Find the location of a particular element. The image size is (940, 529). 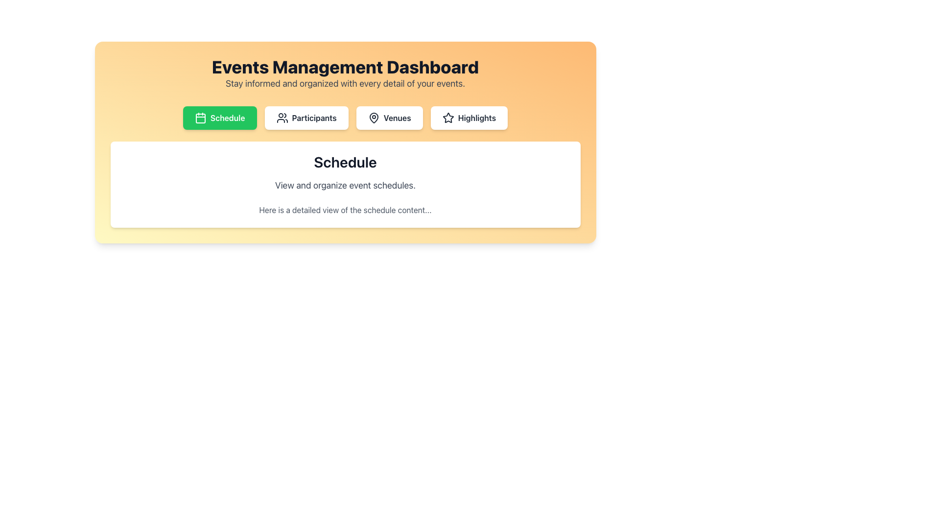

the button located in the second position of a row of four buttons, situated between the 'Schedule' and 'Venues' buttons is located at coordinates (306, 117).